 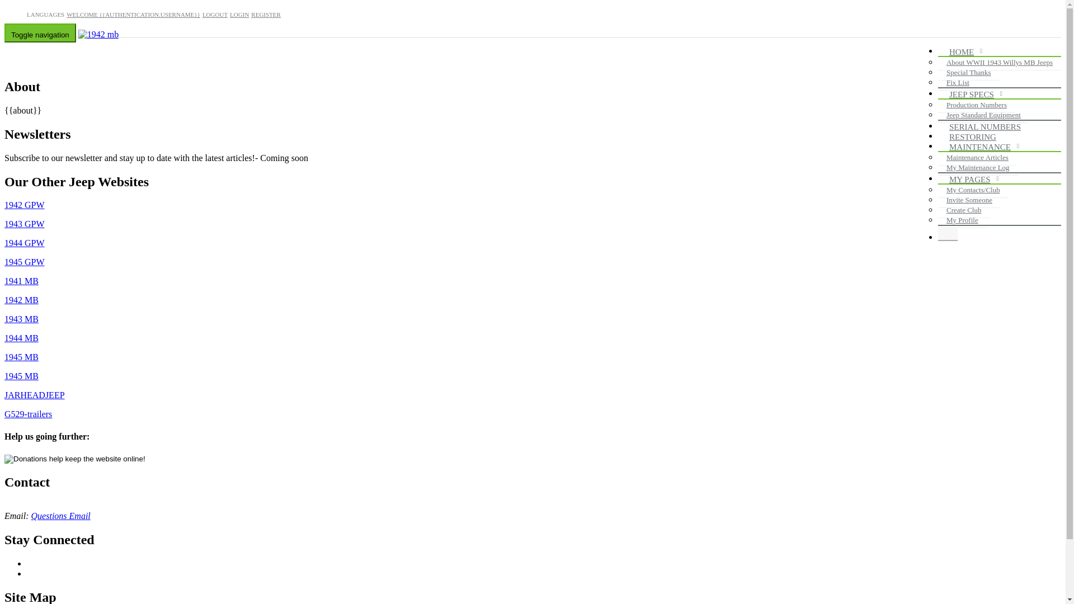 I want to click on '1944 MB', so click(x=4, y=337).